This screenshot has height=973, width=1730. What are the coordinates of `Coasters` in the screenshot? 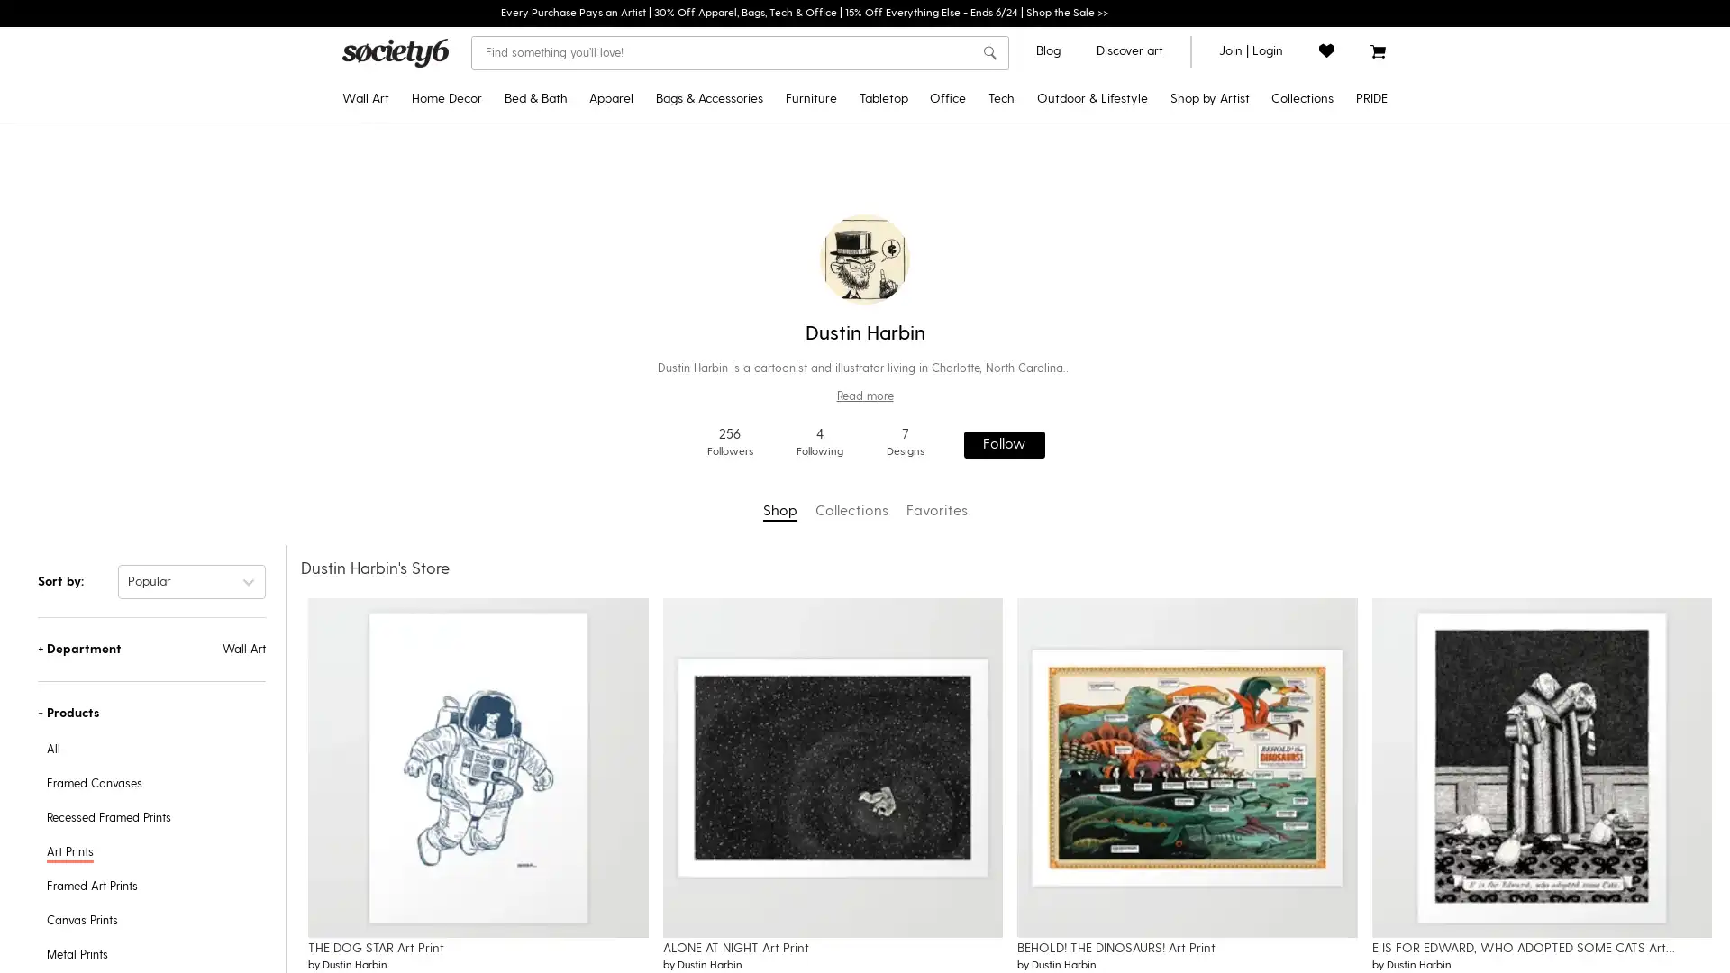 It's located at (916, 288).